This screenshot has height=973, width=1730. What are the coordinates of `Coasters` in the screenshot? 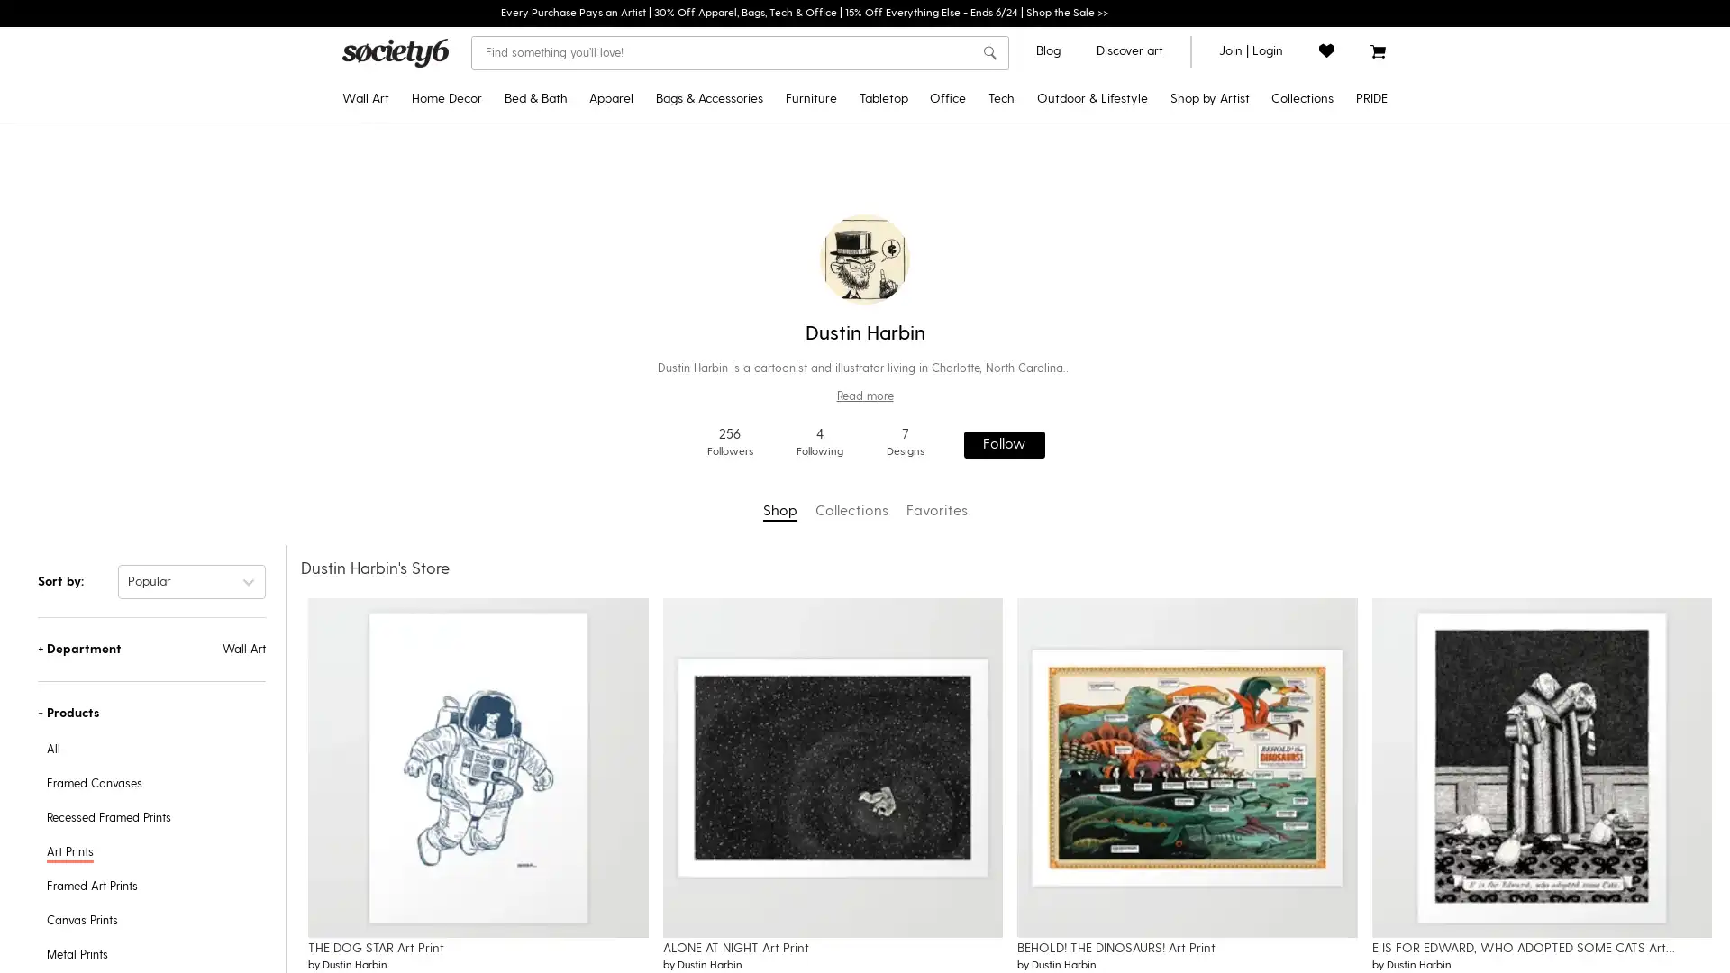 It's located at (916, 288).